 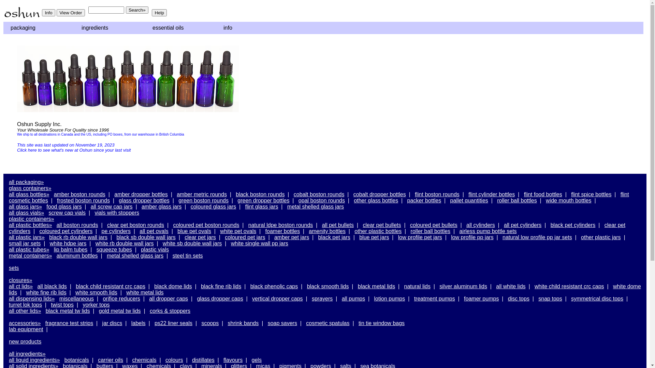 What do you see at coordinates (250, 27) in the screenshot?
I see `'info'` at bounding box center [250, 27].